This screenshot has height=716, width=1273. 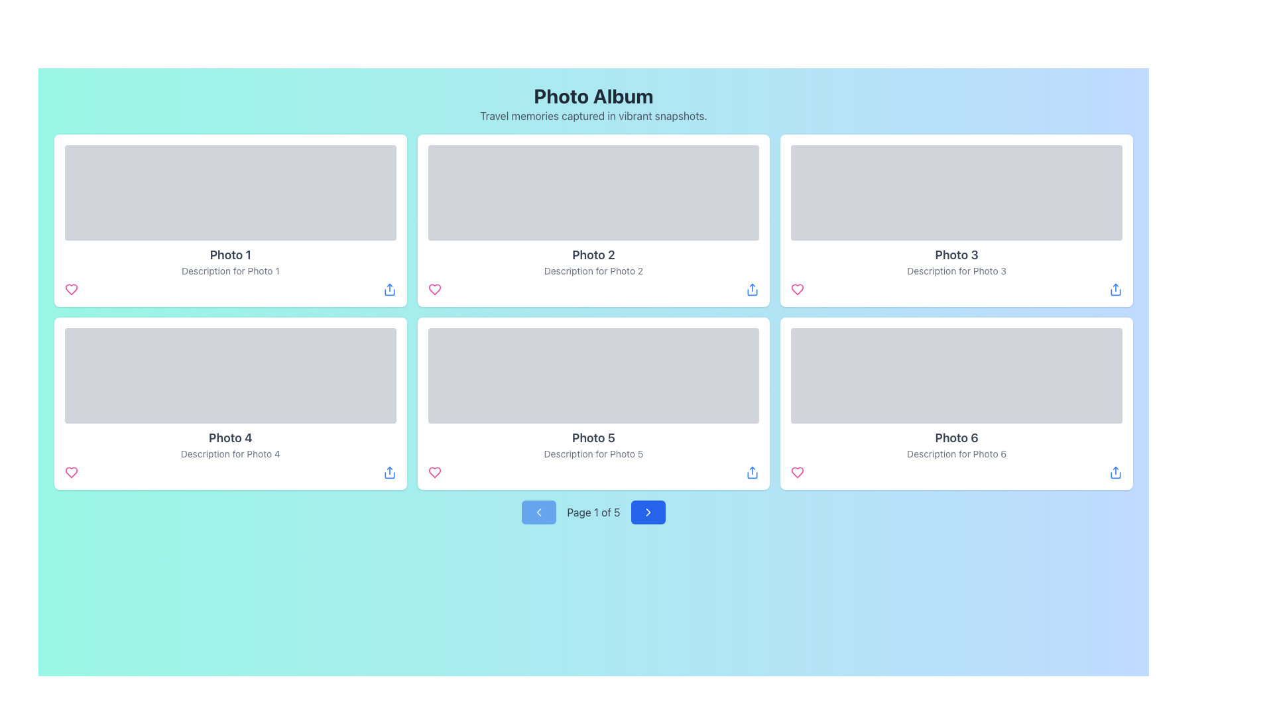 What do you see at coordinates (71, 288) in the screenshot?
I see `the heart icon with a pink outline located at the bottom-left corner of the photo card for 'Photo 4'` at bounding box center [71, 288].